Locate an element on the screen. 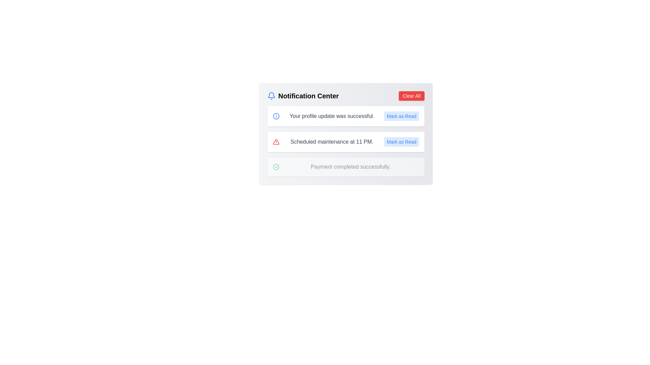 This screenshot has height=365, width=650. the third informational notification in the Notification Center that indicates a successful payment completion is located at coordinates (346, 167).